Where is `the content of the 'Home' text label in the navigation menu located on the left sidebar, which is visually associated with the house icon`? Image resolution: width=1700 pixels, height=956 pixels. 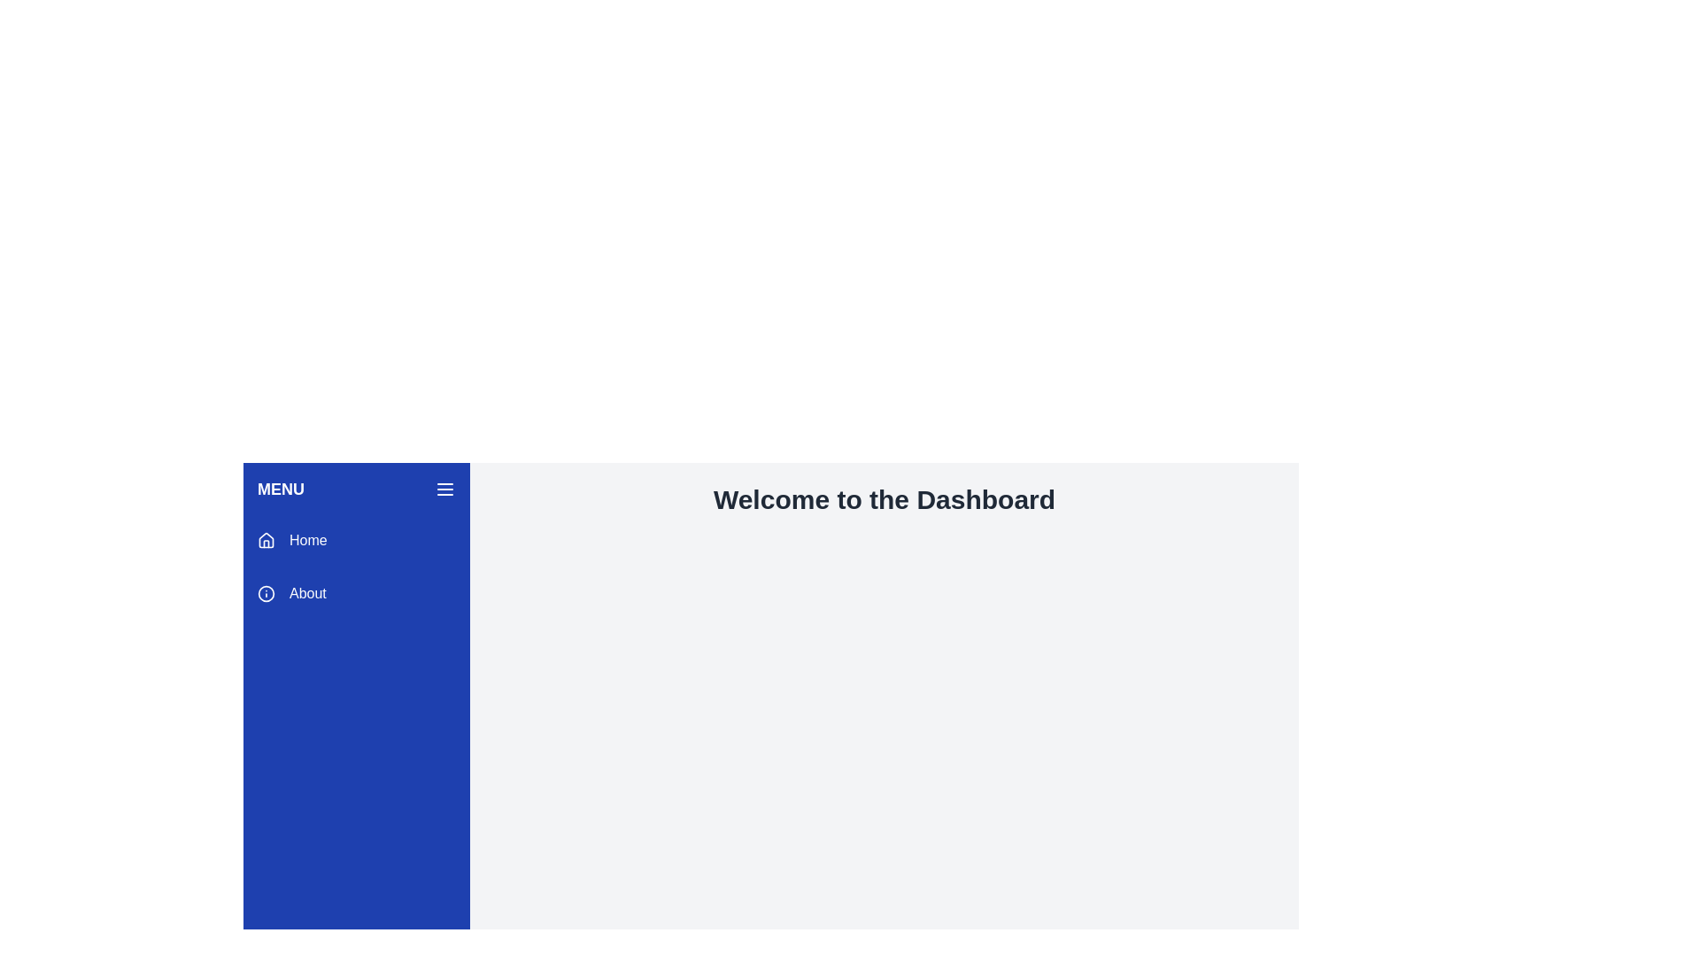
the content of the 'Home' text label in the navigation menu located on the left sidebar, which is visually associated with the house icon is located at coordinates (308, 539).